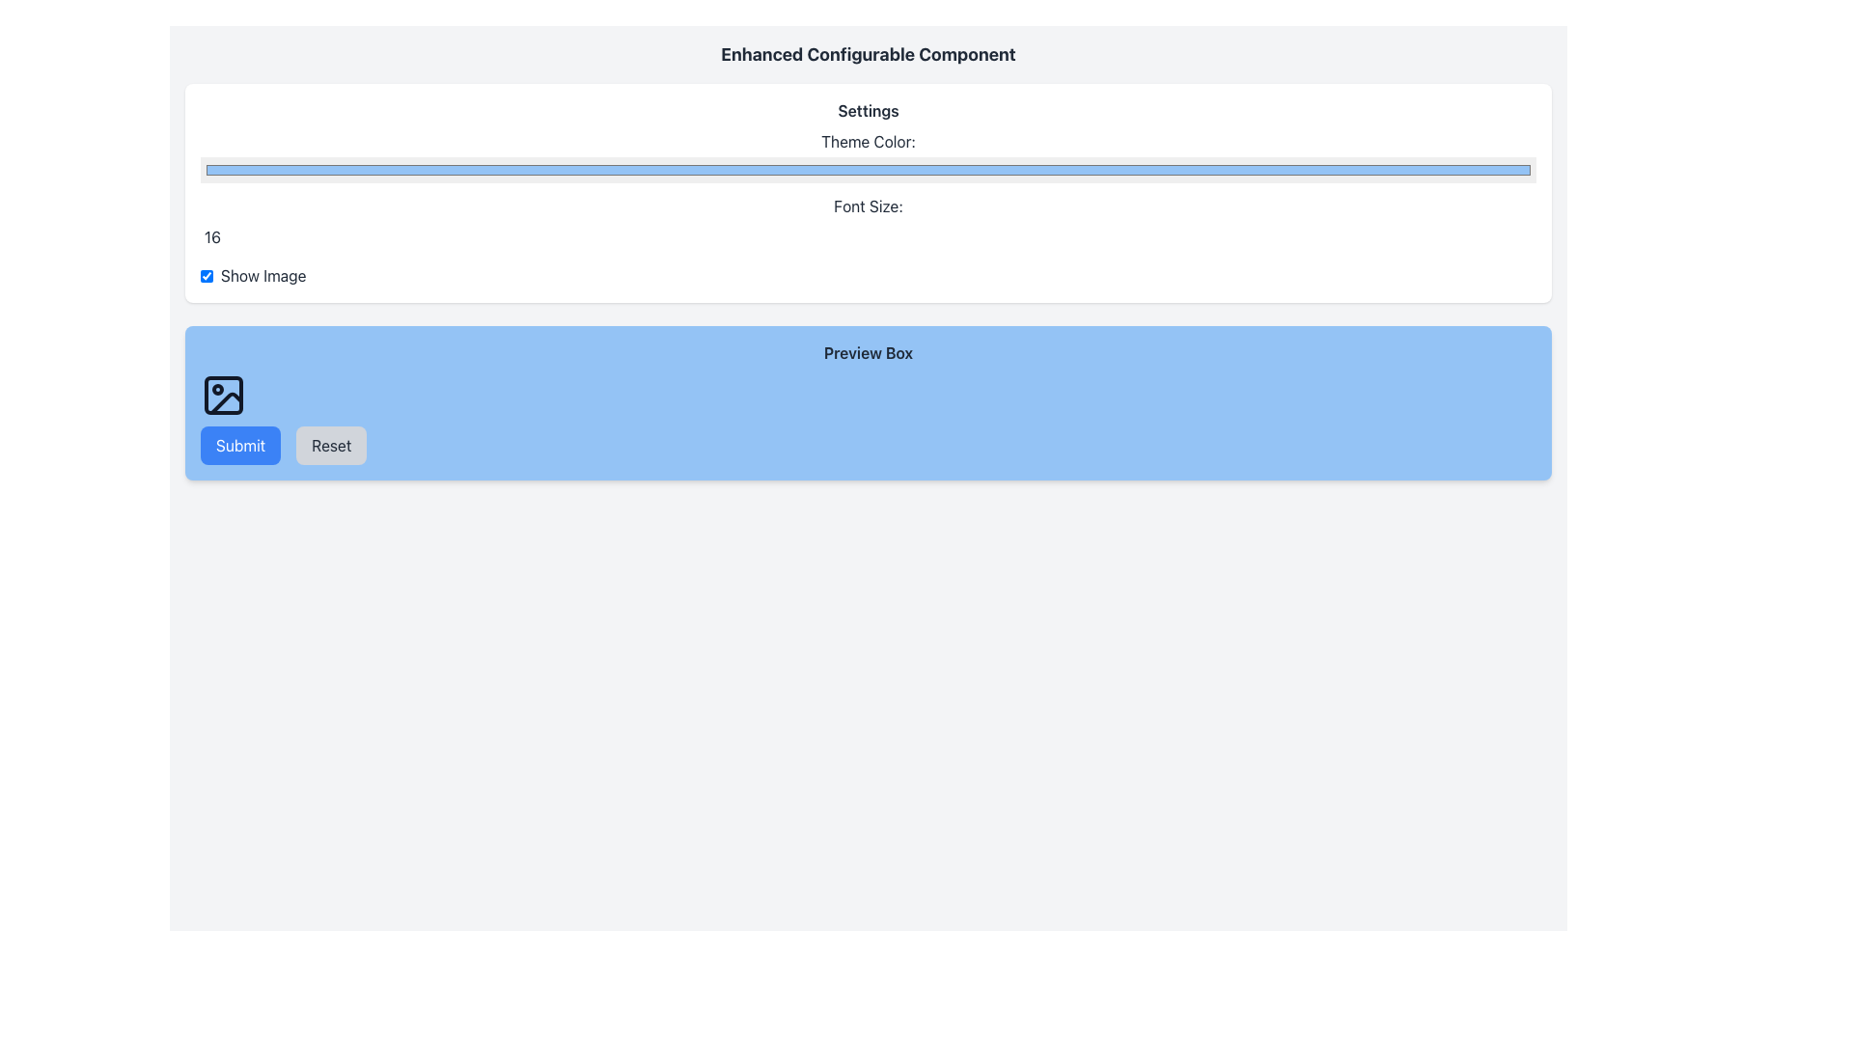  I want to click on the text label reading 'Theme Color:' which is positioned below the 'Settings' heading and above the color picker input in the configuration form, so click(868, 140).